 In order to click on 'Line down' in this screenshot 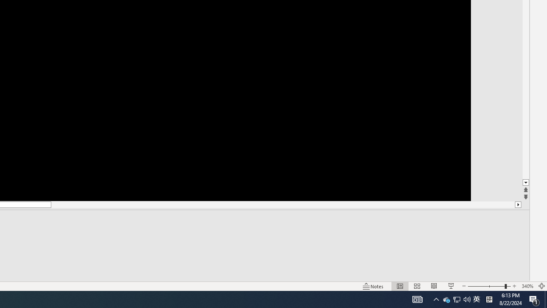, I will do `click(525, 182)`.